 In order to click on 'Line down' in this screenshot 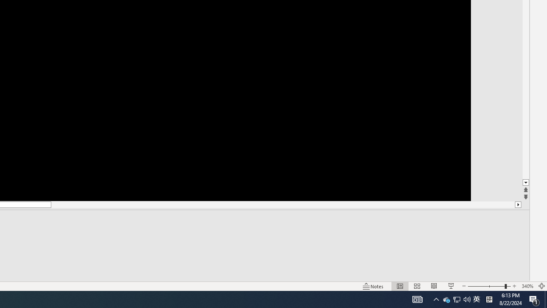, I will do `click(525, 182)`.